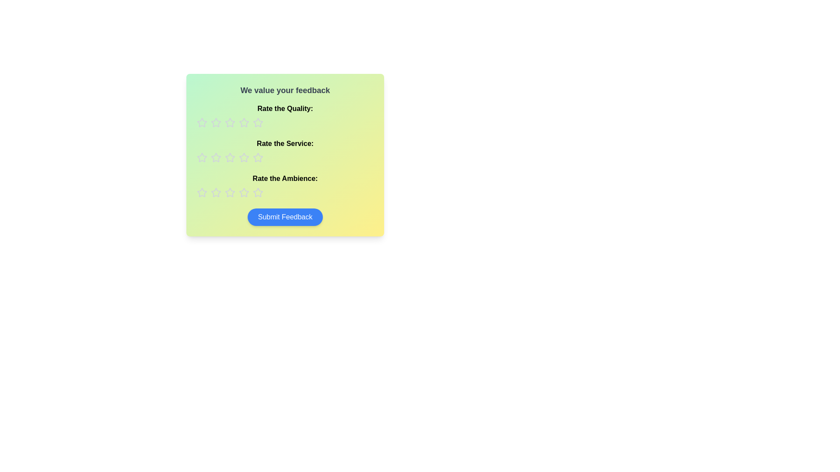 The height and width of the screenshot is (472, 840). I want to click on the first star in the second row of rating options labeled 'Rate the Service', so click(201, 158).